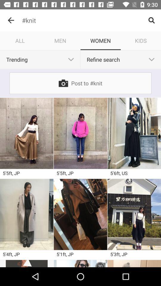  Describe the element at coordinates (26, 263) in the screenshot. I see `share the article` at that location.